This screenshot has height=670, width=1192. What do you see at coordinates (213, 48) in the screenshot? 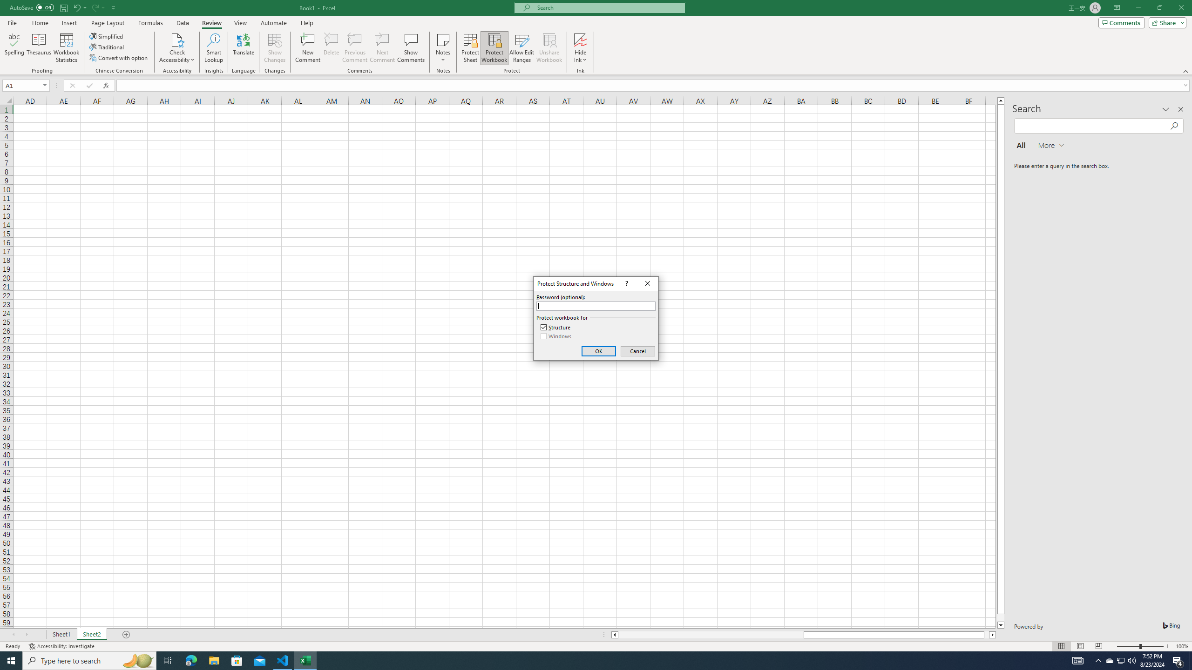
I see `'Smart Lookup'` at bounding box center [213, 48].